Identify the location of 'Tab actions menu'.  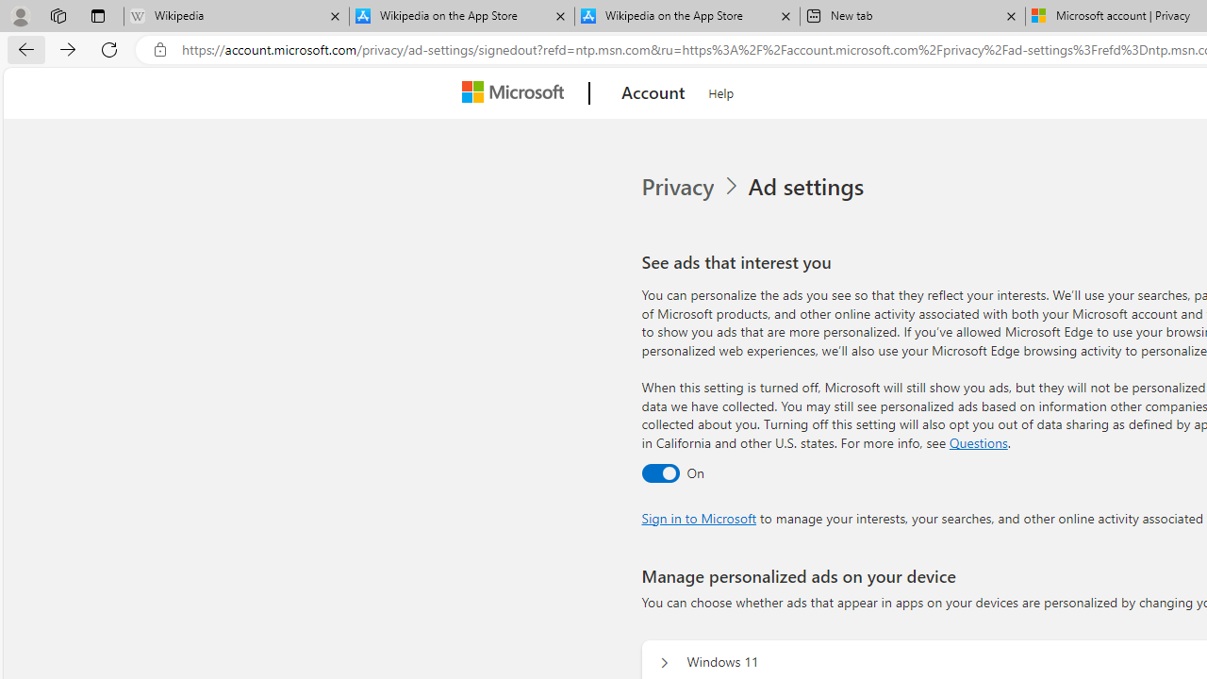
(97, 15).